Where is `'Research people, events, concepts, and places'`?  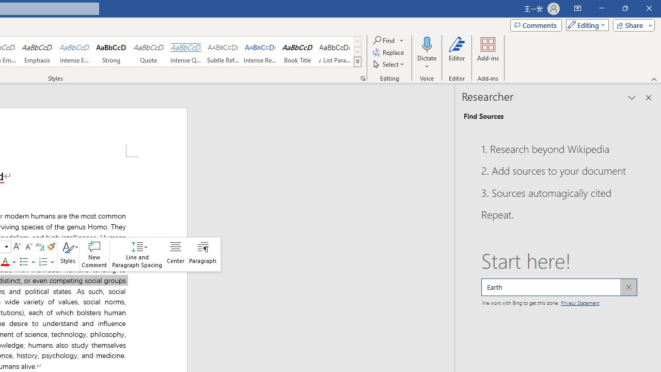
'Research people, events, concepts, and places' is located at coordinates (558, 287).